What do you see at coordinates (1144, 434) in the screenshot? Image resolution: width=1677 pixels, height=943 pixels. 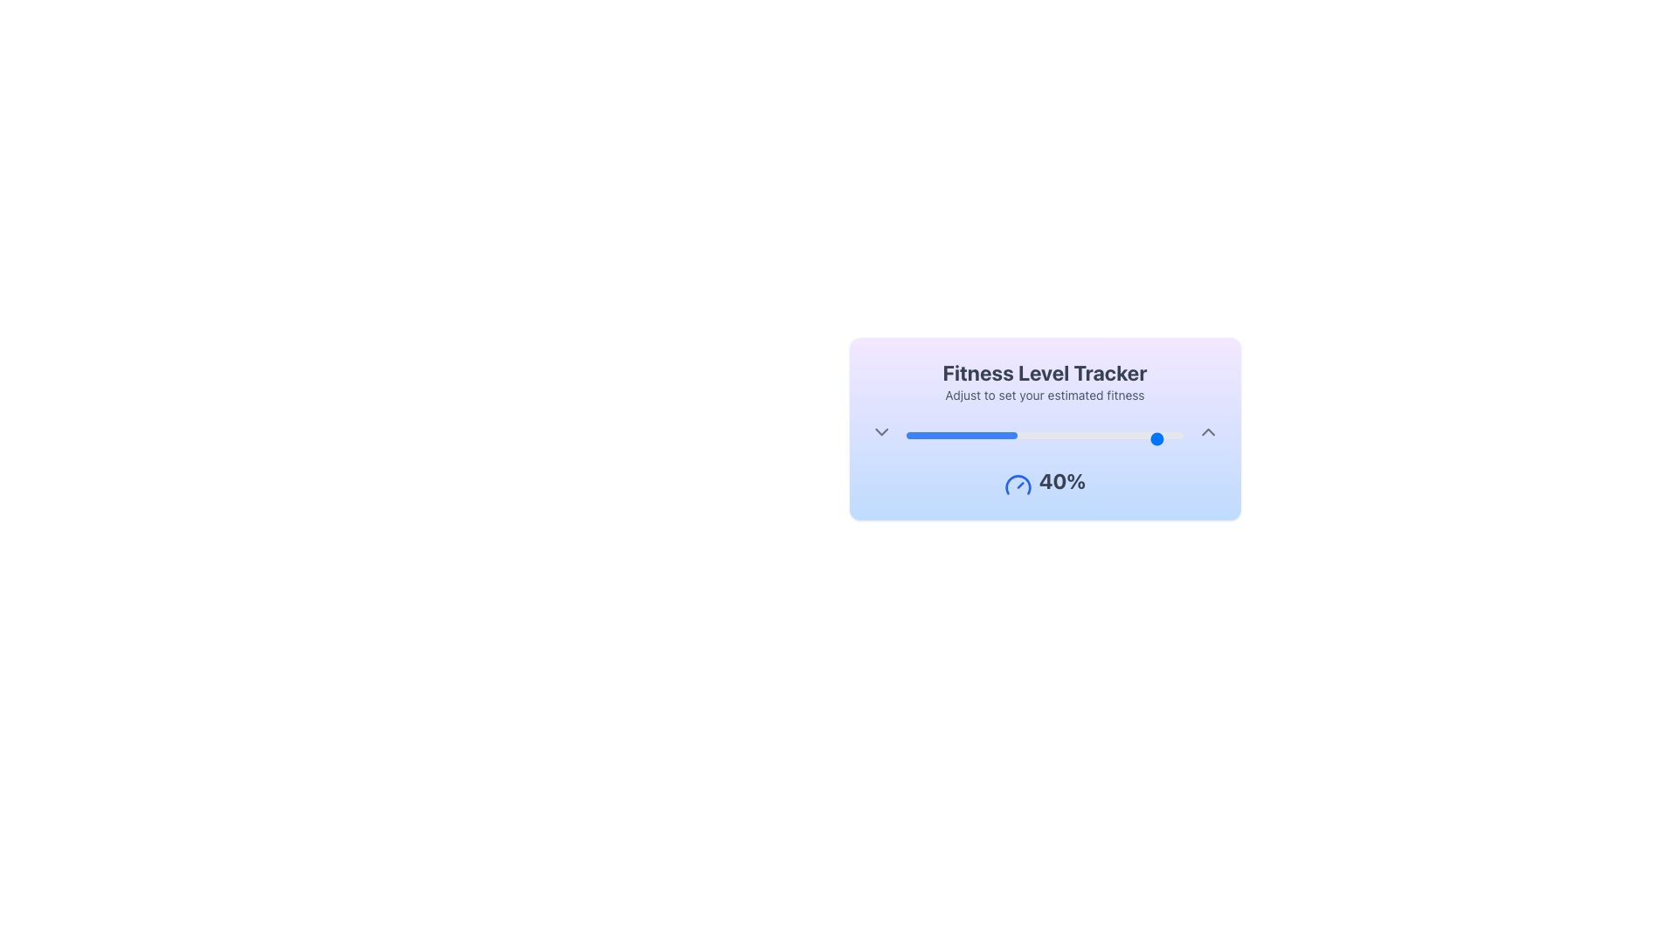 I see `the fitness level` at bounding box center [1144, 434].